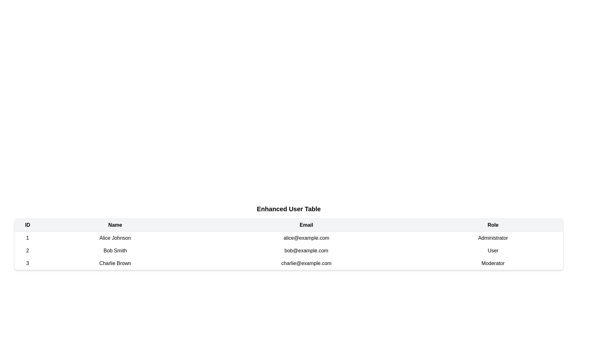  What do you see at coordinates (306, 225) in the screenshot?
I see `the 'Email' header text label, which indicates the type of data in the corresponding column of the table` at bounding box center [306, 225].